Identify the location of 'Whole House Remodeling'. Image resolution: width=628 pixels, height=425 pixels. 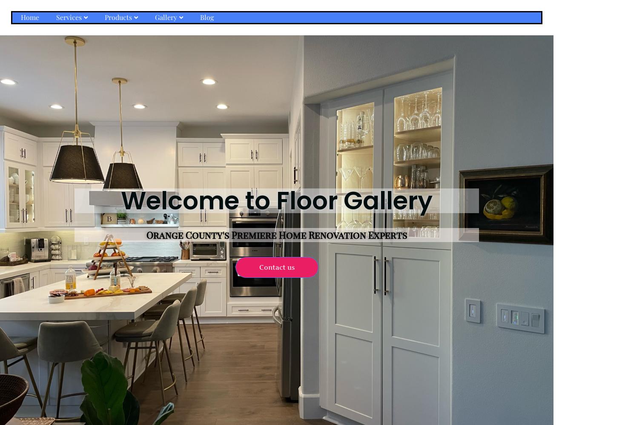
(89, 74).